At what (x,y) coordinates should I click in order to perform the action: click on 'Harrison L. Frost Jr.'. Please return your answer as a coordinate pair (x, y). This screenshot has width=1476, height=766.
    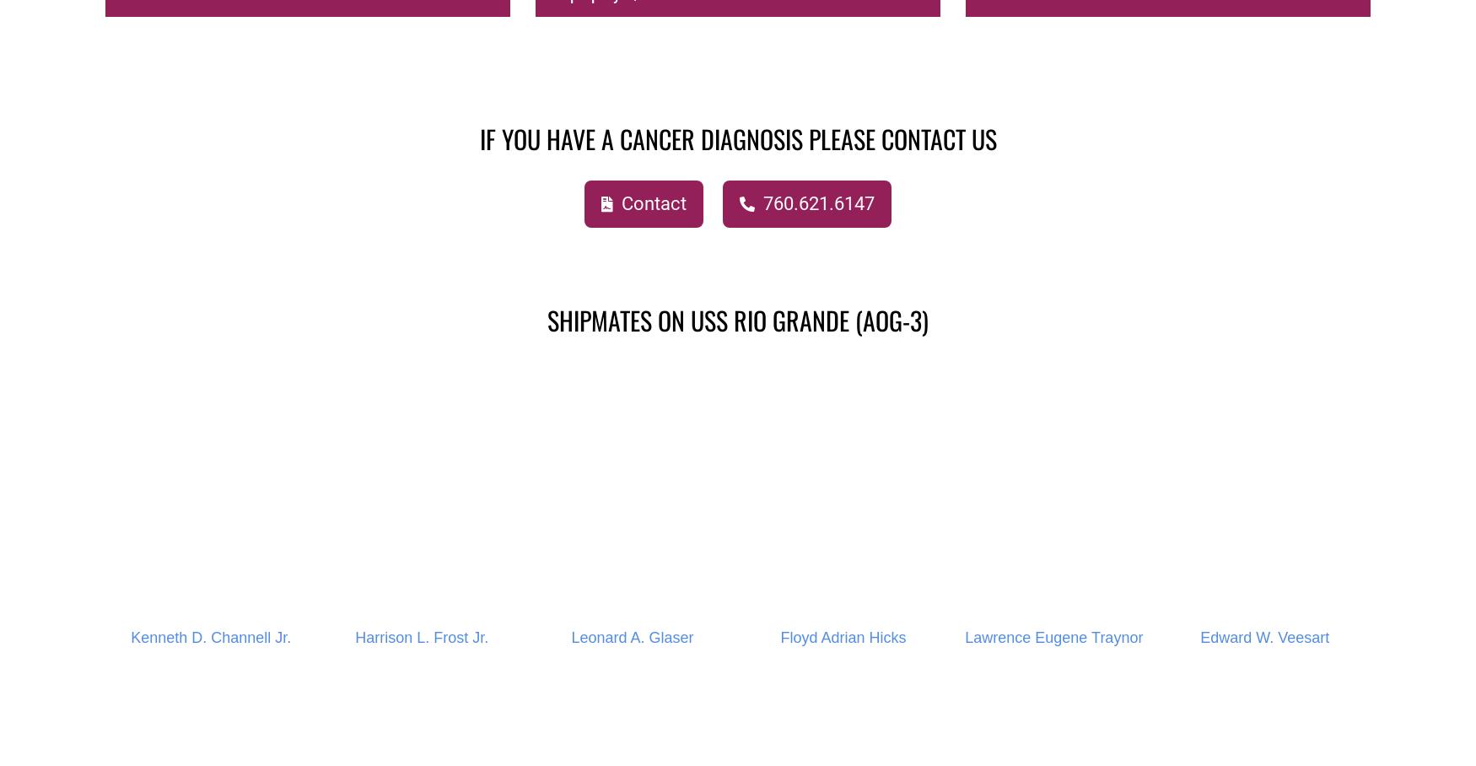
    Looking at the image, I should click on (421, 637).